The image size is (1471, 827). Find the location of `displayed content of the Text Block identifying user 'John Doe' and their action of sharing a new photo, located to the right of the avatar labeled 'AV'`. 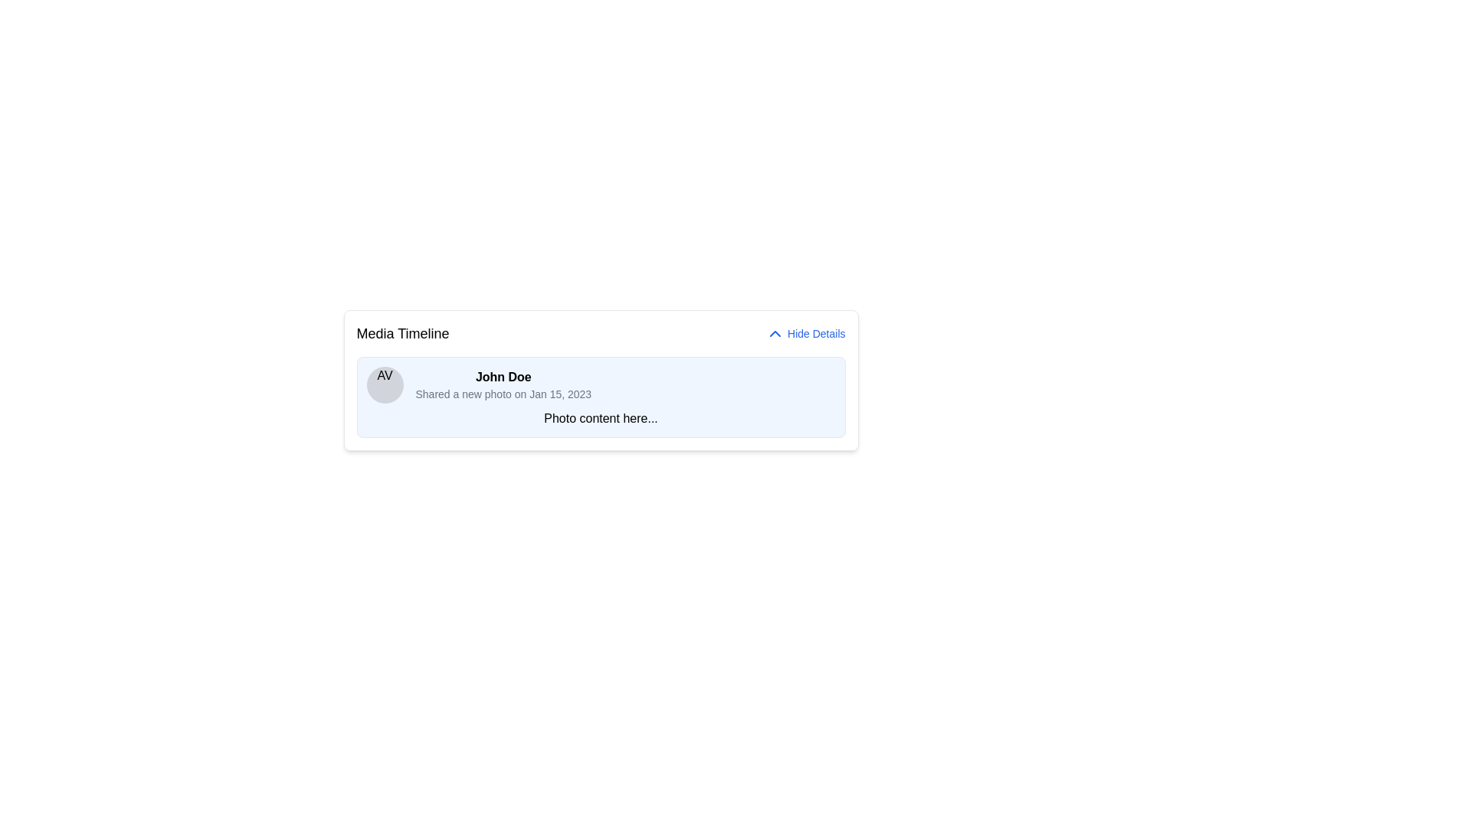

displayed content of the Text Block identifying user 'John Doe' and their action of sharing a new photo, located to the right of the avatar labeled 'AV' is located at coordinates (503, 384).